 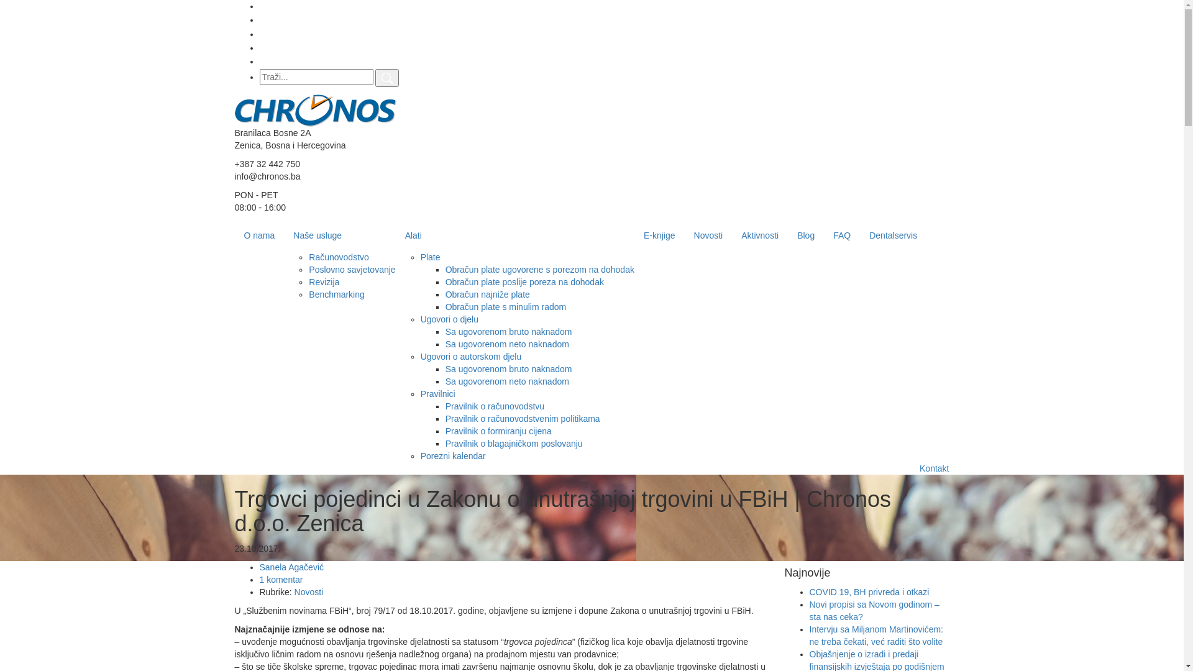 What do you see at coordinates (420, 318) in the screenshot?
I see `'Ugovori o djelu'` at bounding box center [420, 318].